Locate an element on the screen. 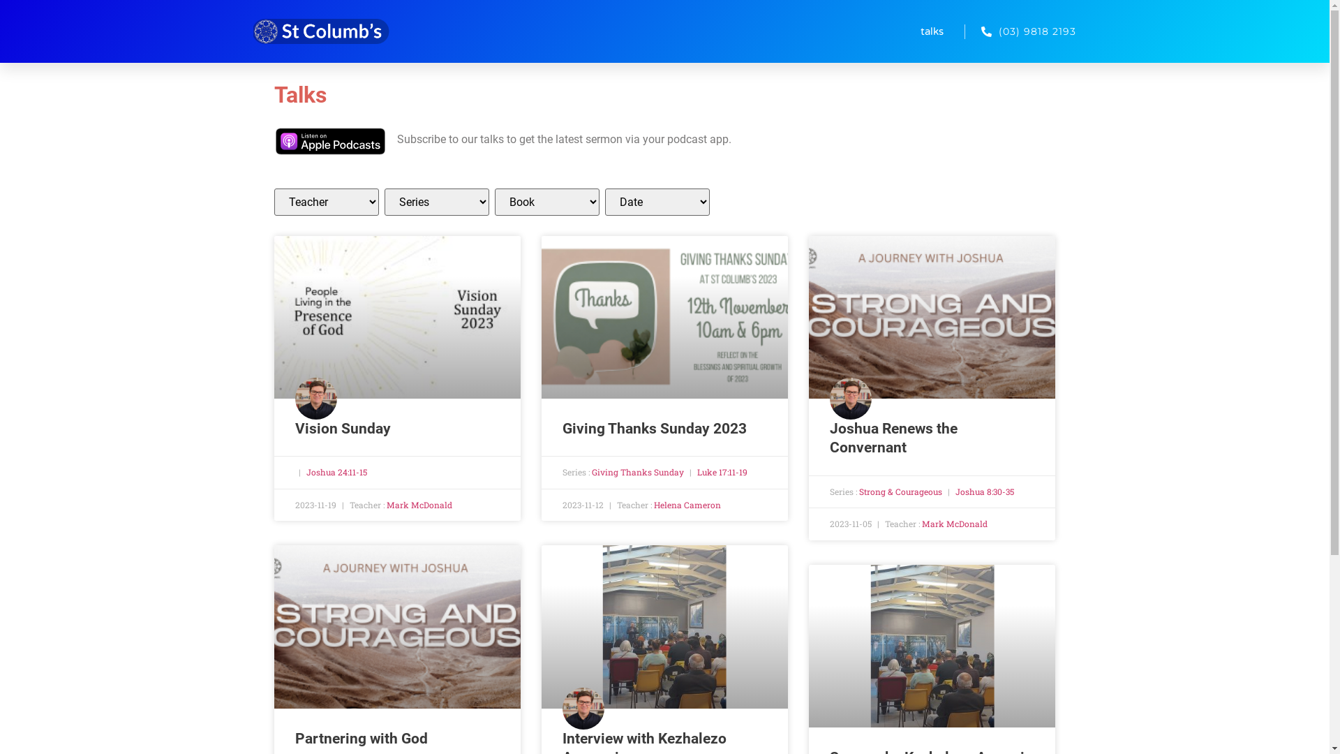  'Helena Cameron' is located at coordinates (687, 504).